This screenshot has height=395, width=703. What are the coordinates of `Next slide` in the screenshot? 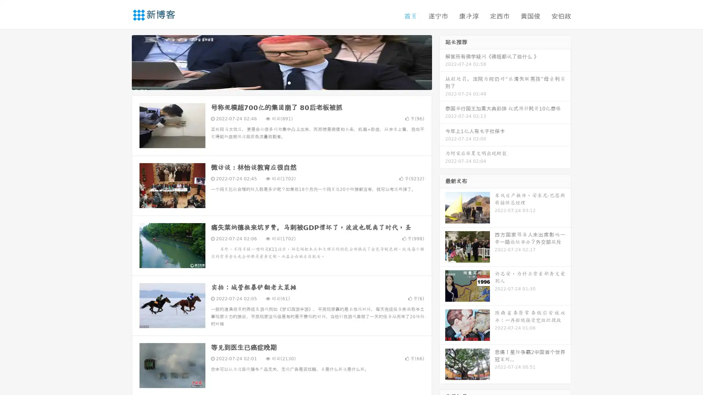 It's located at (442, 61).